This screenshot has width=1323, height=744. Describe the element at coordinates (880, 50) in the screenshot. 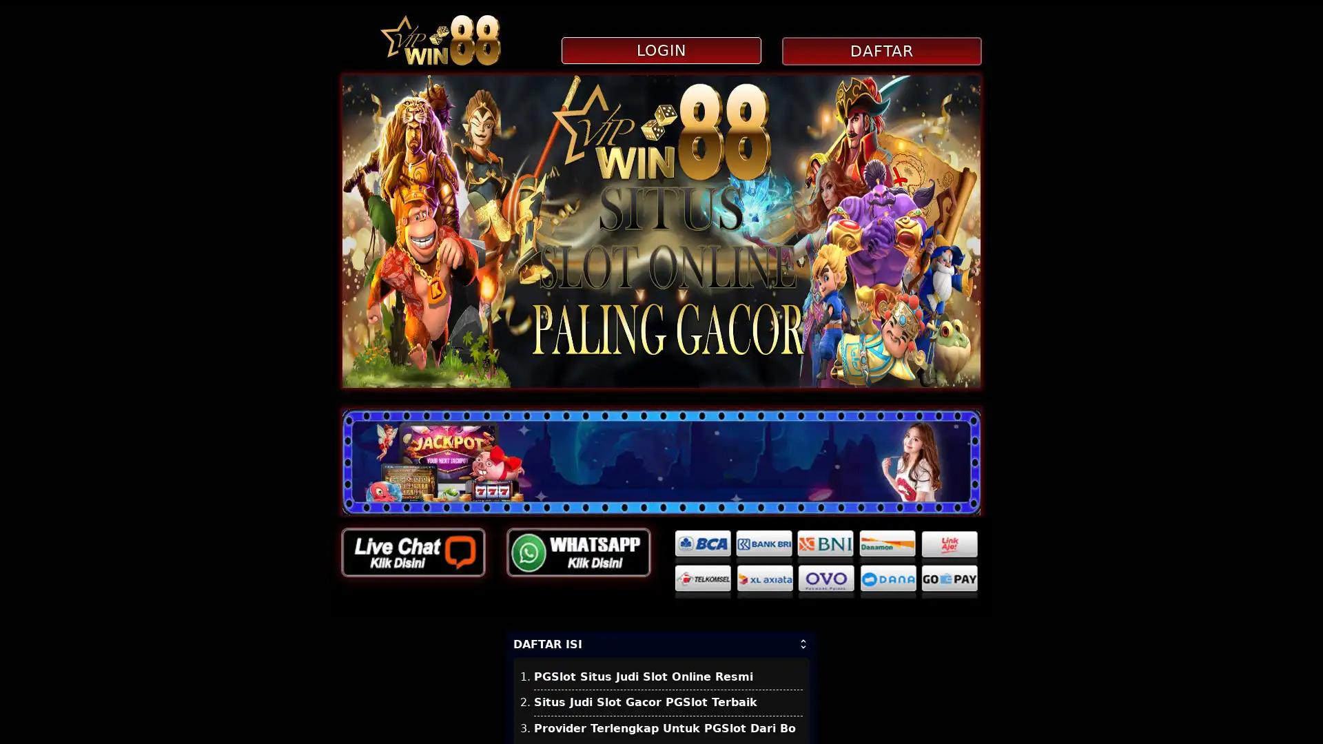

I see `DAFTAR` at that location.